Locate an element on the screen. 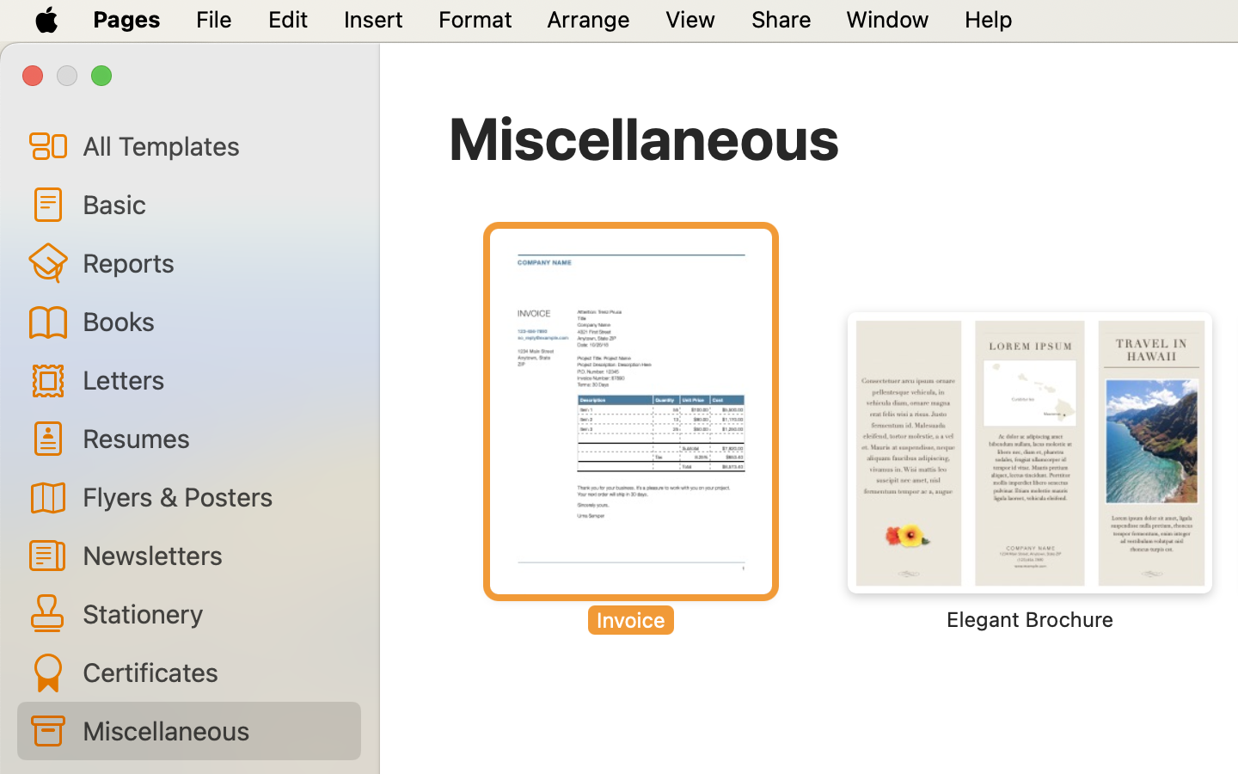 The image size is (1238, 774). 'Basic' is located at coordinates (213, 202).